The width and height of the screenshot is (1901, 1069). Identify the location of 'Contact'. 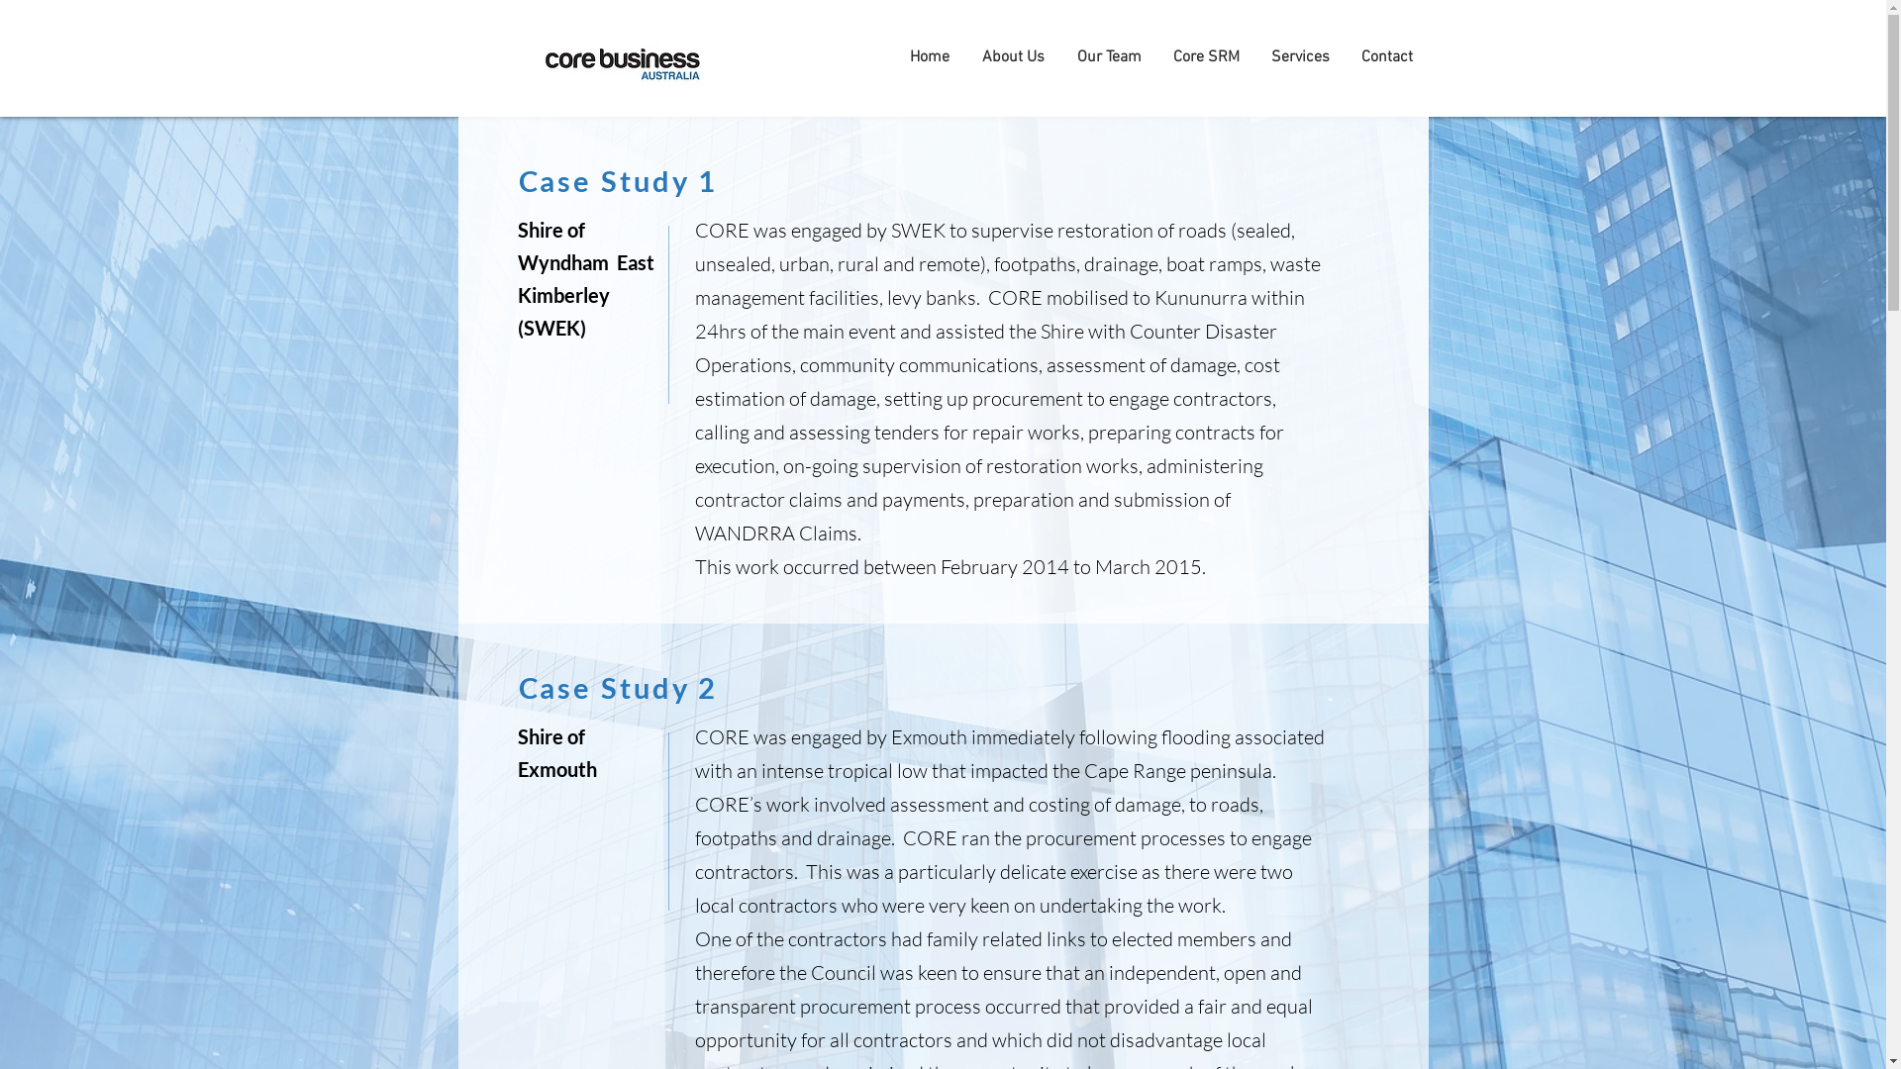
(1345, 56).